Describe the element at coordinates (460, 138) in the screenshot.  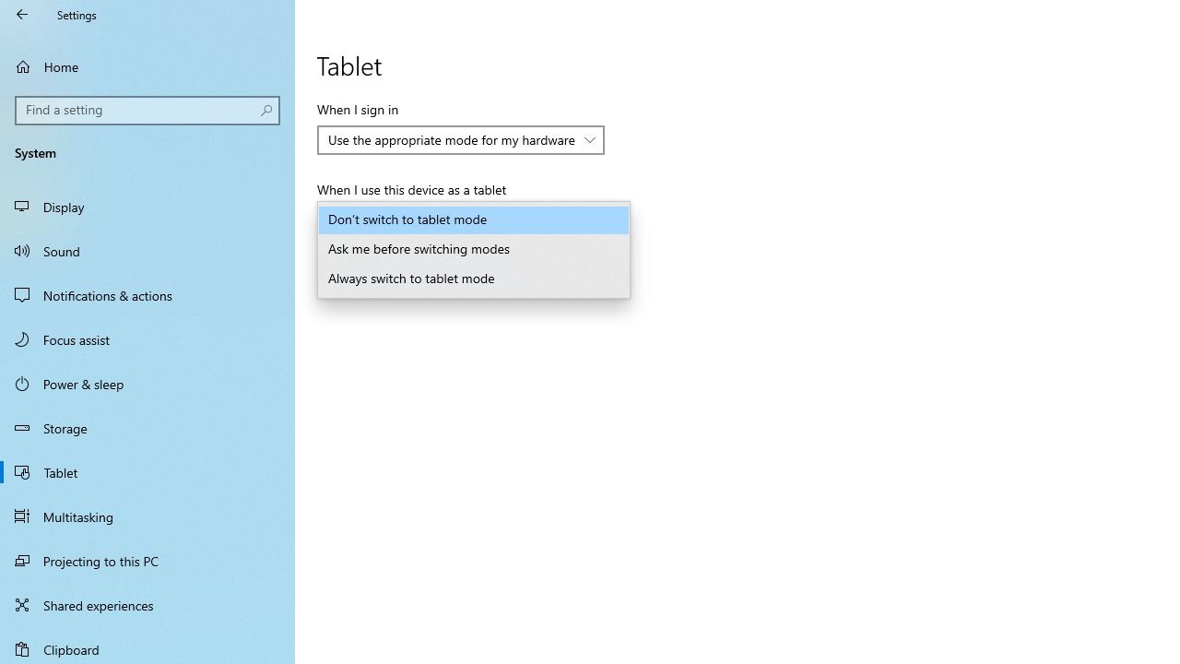
I see `'When I sign in'` at that location.